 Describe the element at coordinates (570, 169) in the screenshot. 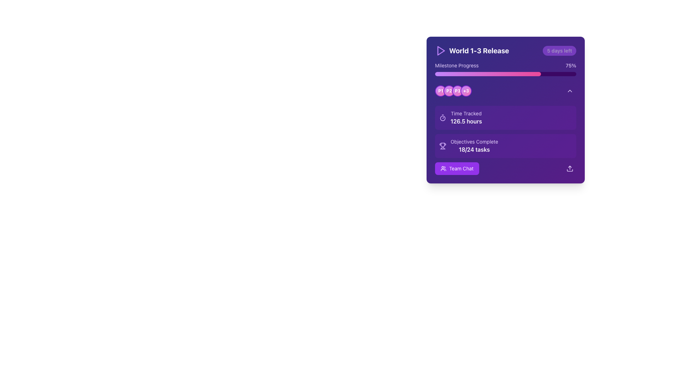

I see `the light purple upload icon with a rounded purple background located in the bottom-right corner of the 'World 1-3 Release' card` at that location.